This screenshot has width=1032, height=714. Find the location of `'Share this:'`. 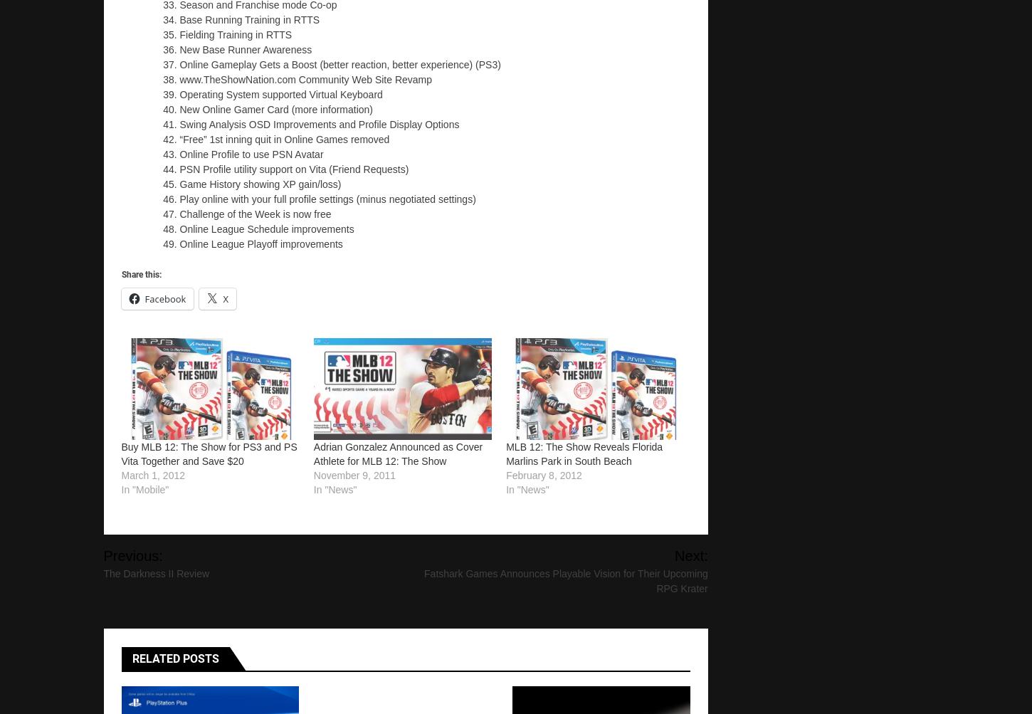

'Share this:' is located at coordinates (140, 273).